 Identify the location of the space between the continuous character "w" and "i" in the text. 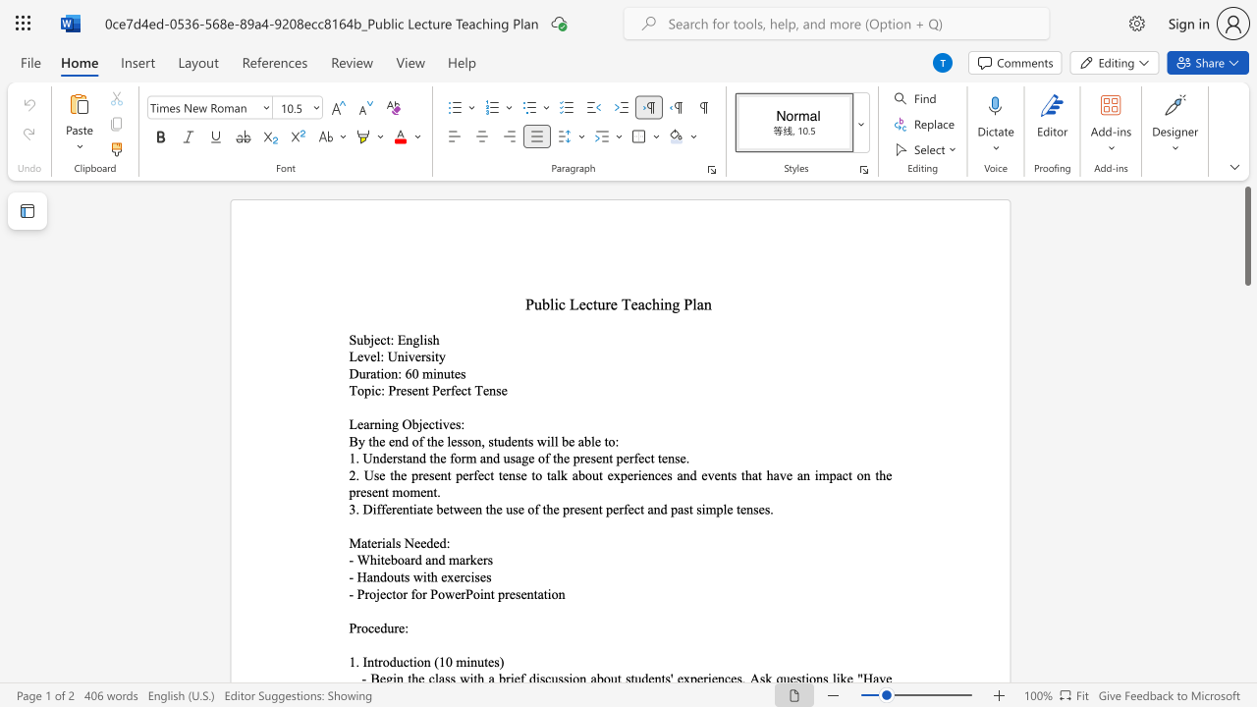
(545, 440).